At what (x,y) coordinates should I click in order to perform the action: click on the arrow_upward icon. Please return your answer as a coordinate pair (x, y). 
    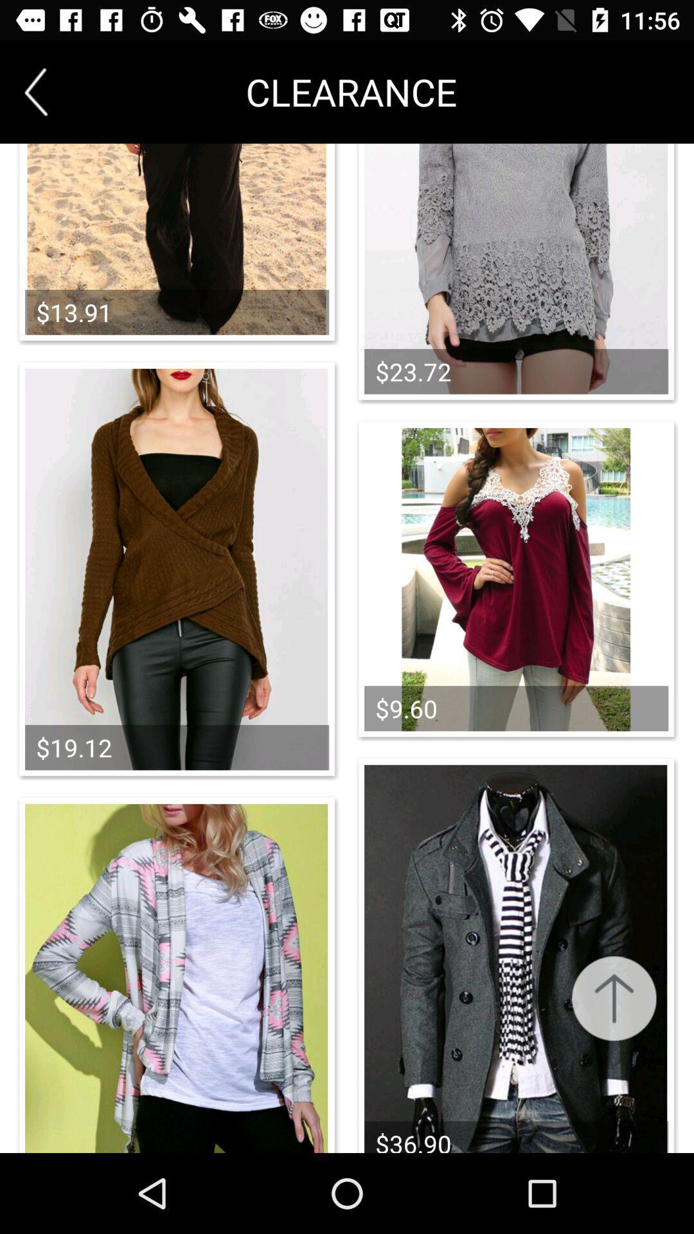
    Looking at the image, I should click on (613, 997).